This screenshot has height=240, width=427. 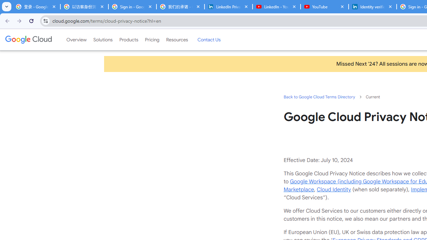 What do you see at coordinates (324, 7) in the screenshot?
I see `'YouTube'` at bounding box center [324, 7].